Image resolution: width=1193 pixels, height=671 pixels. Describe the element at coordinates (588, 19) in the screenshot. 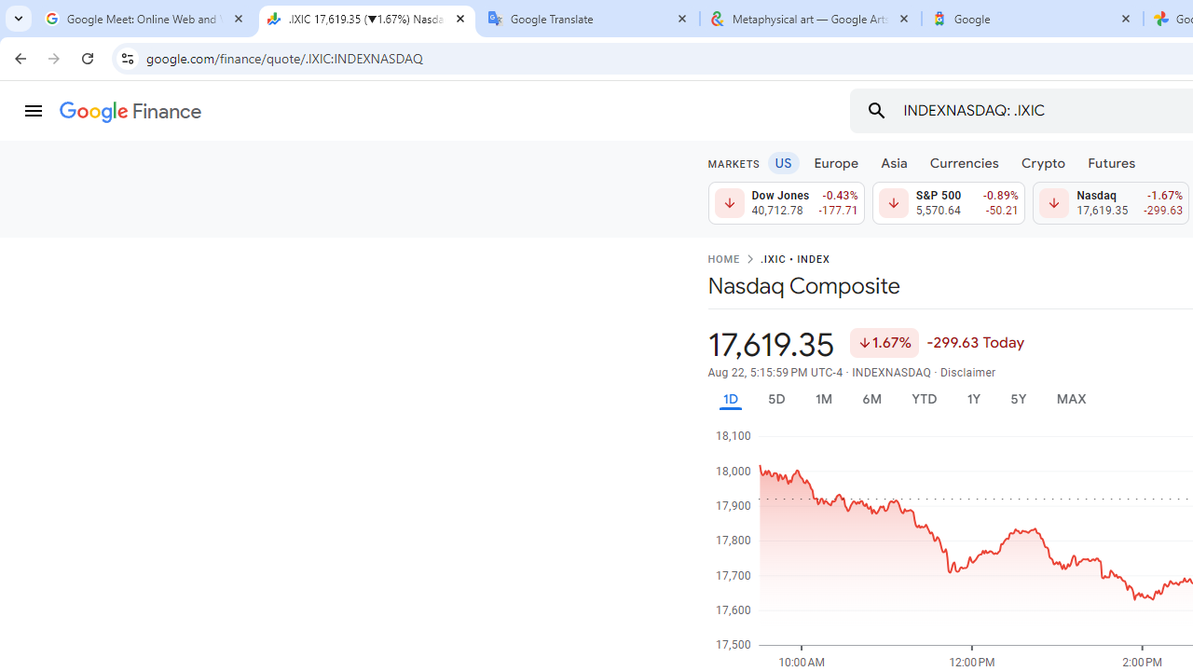

I see `'Google Translate'` at that location.